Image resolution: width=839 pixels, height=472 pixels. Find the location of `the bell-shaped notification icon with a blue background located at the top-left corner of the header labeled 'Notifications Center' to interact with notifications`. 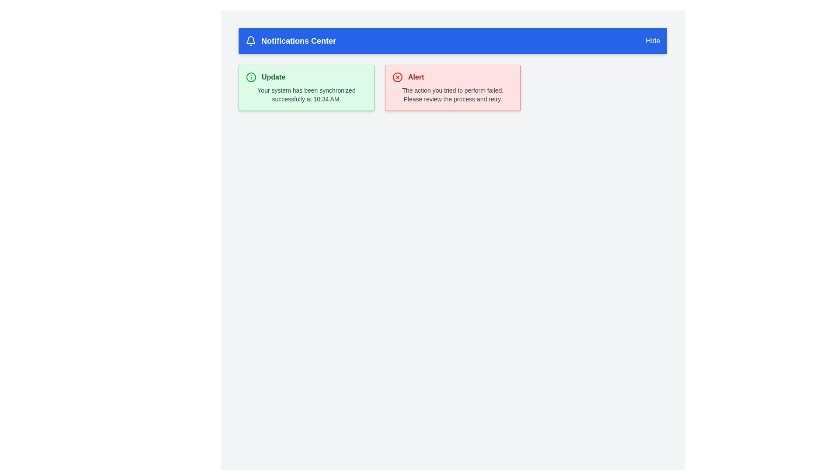

the bell-shaped notification icon with a blue background located at the top-left corner of the header labeled 'Notifications Center' to interact with notifications is located at coordinates (250, 41).